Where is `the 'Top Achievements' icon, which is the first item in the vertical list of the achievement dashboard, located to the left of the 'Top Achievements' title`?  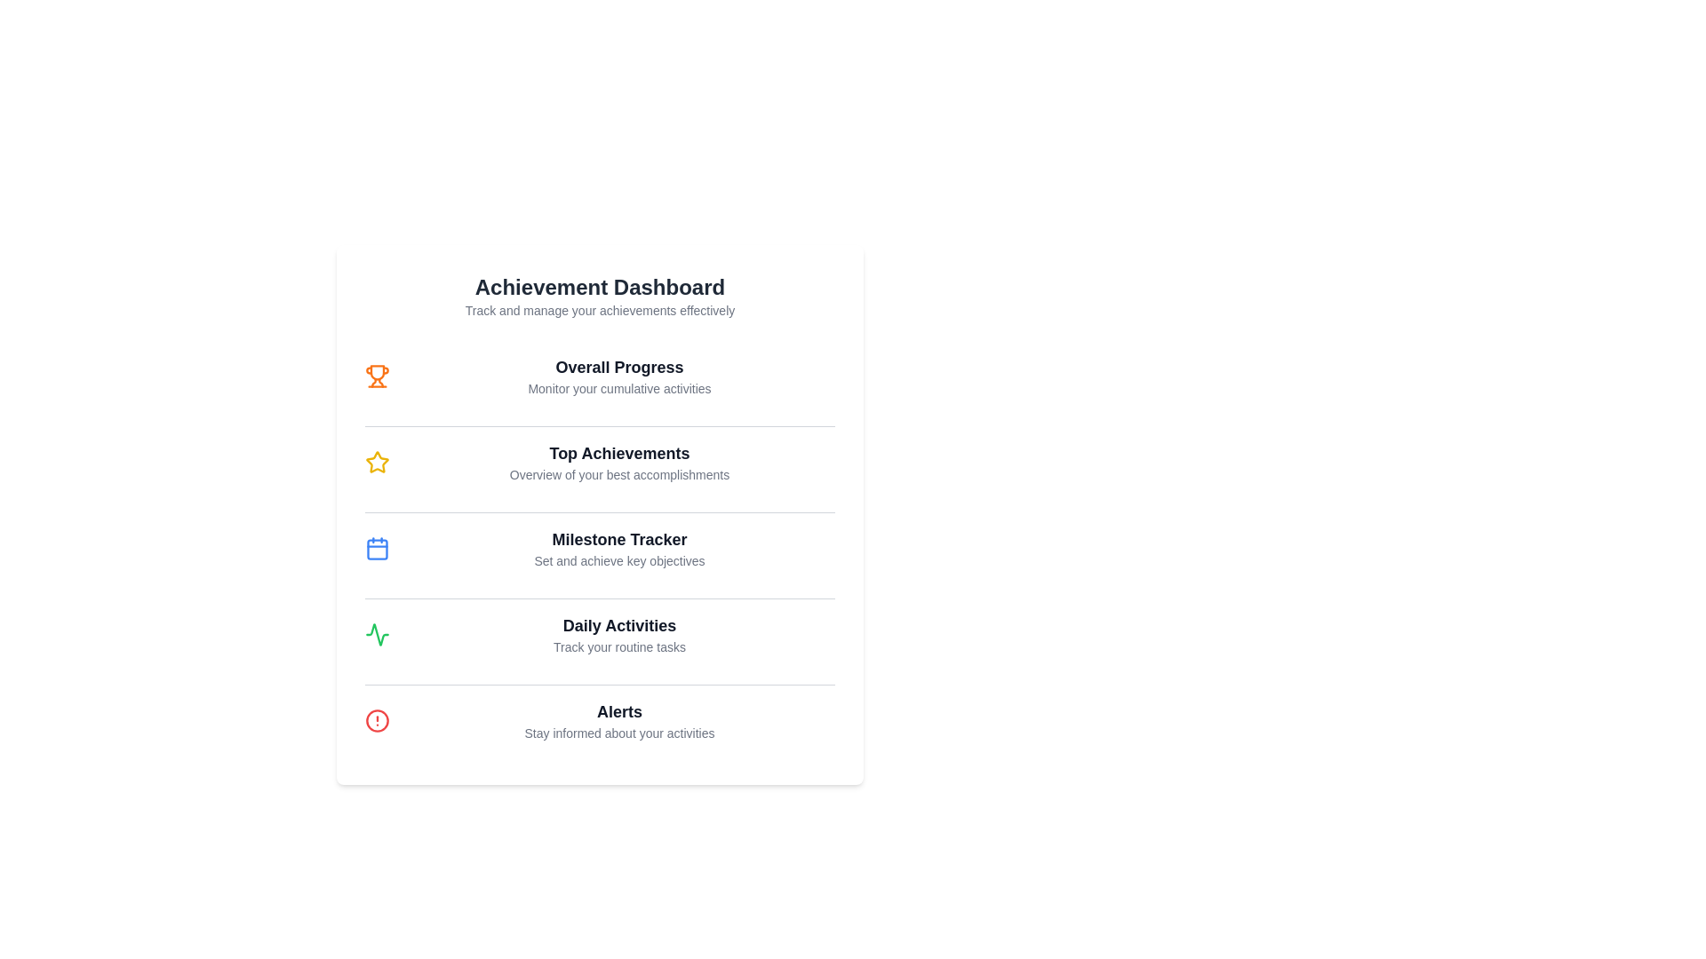 the 'Top Achievements' icon, which is the first item in the vertical list of the achievement dashboard, located to the left of the 'Top Achievements' title is located at coordinates (377, 461).